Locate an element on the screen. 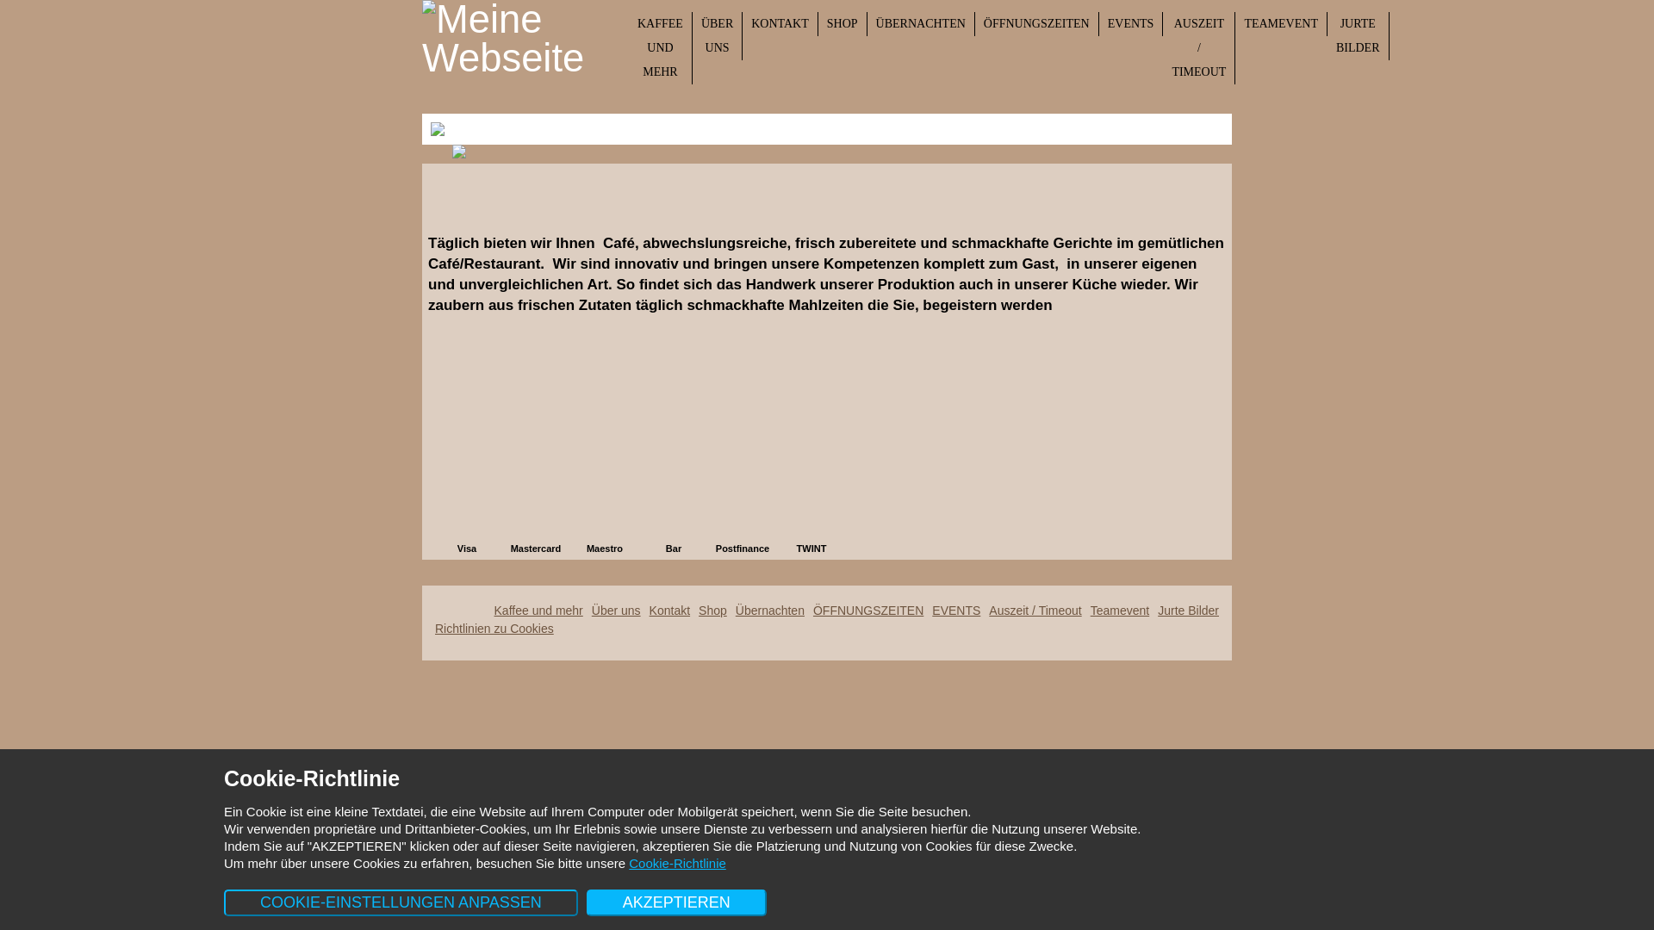 Image resolution: width=1654 pixels, height=930 pixels. 'AKZEPTIEREN' is located at coordinates (587, 902).